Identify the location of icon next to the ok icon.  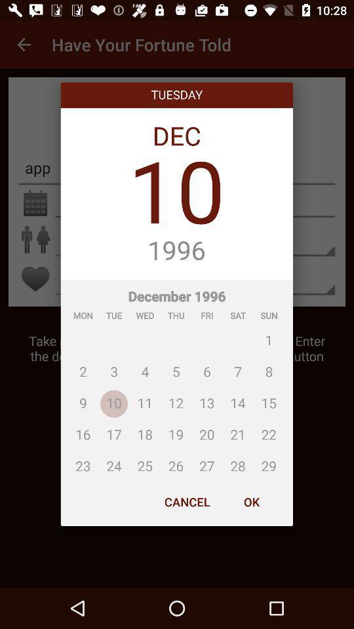
(186, 501).